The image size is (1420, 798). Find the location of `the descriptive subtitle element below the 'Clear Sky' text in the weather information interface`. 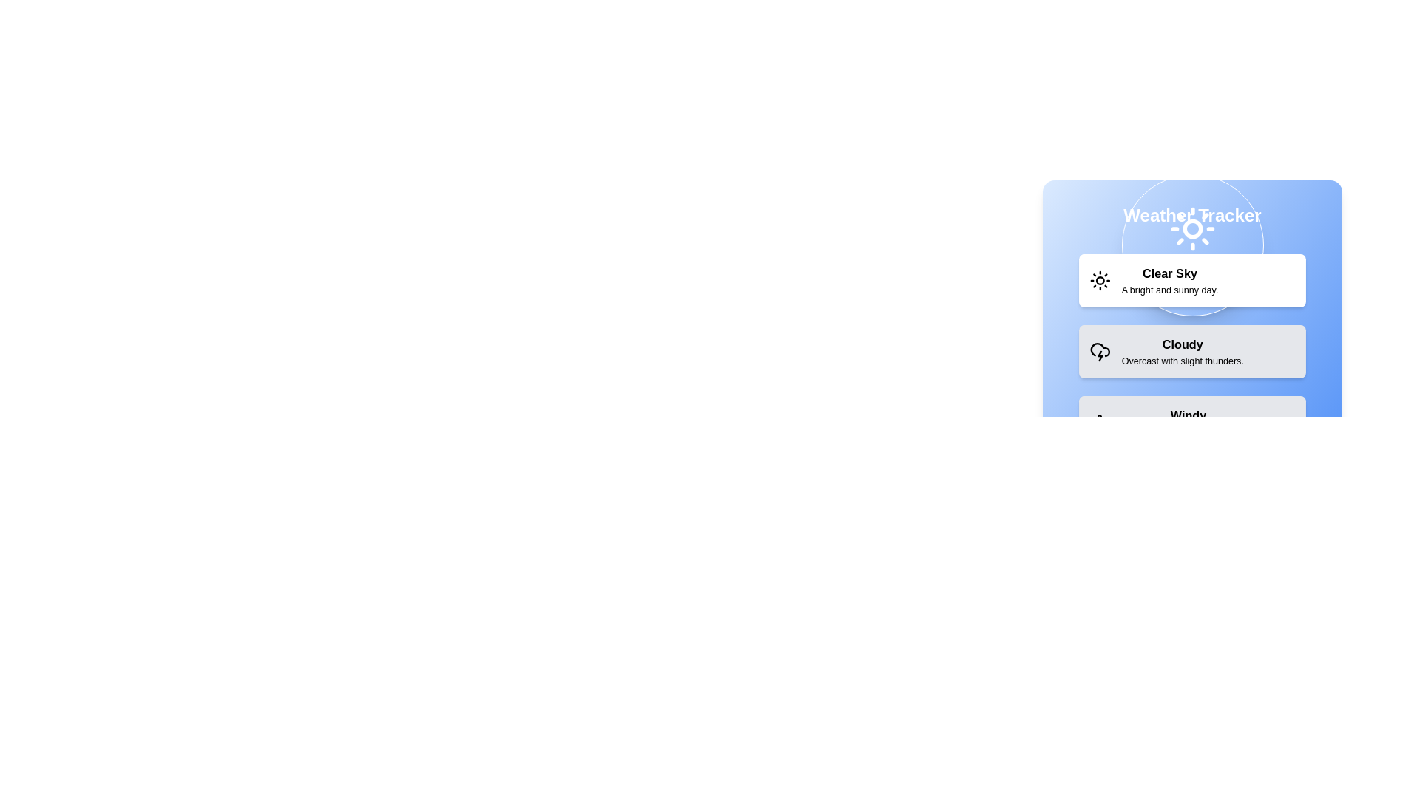

the descriptive subtitle element below the 'Clear Sky' text in the weather information interface is located at coordinates (1169, 290).